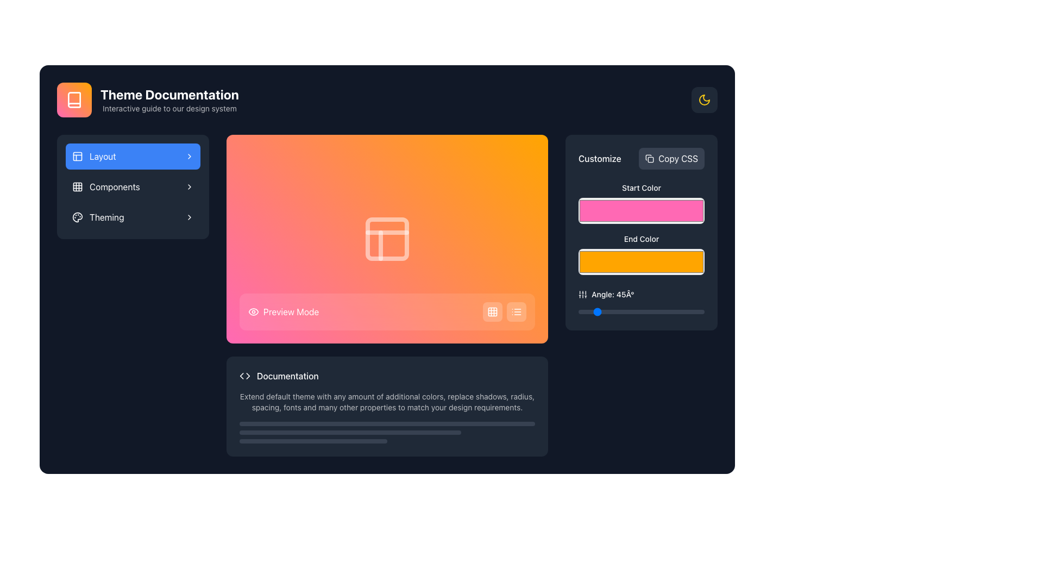 The image size is (1043, 587). Describe the element at coordinates (492, 312) in the screenshot. I see `the first button in the bottom-right corner of the gradient-colored area to trigger a visual response` at that location.